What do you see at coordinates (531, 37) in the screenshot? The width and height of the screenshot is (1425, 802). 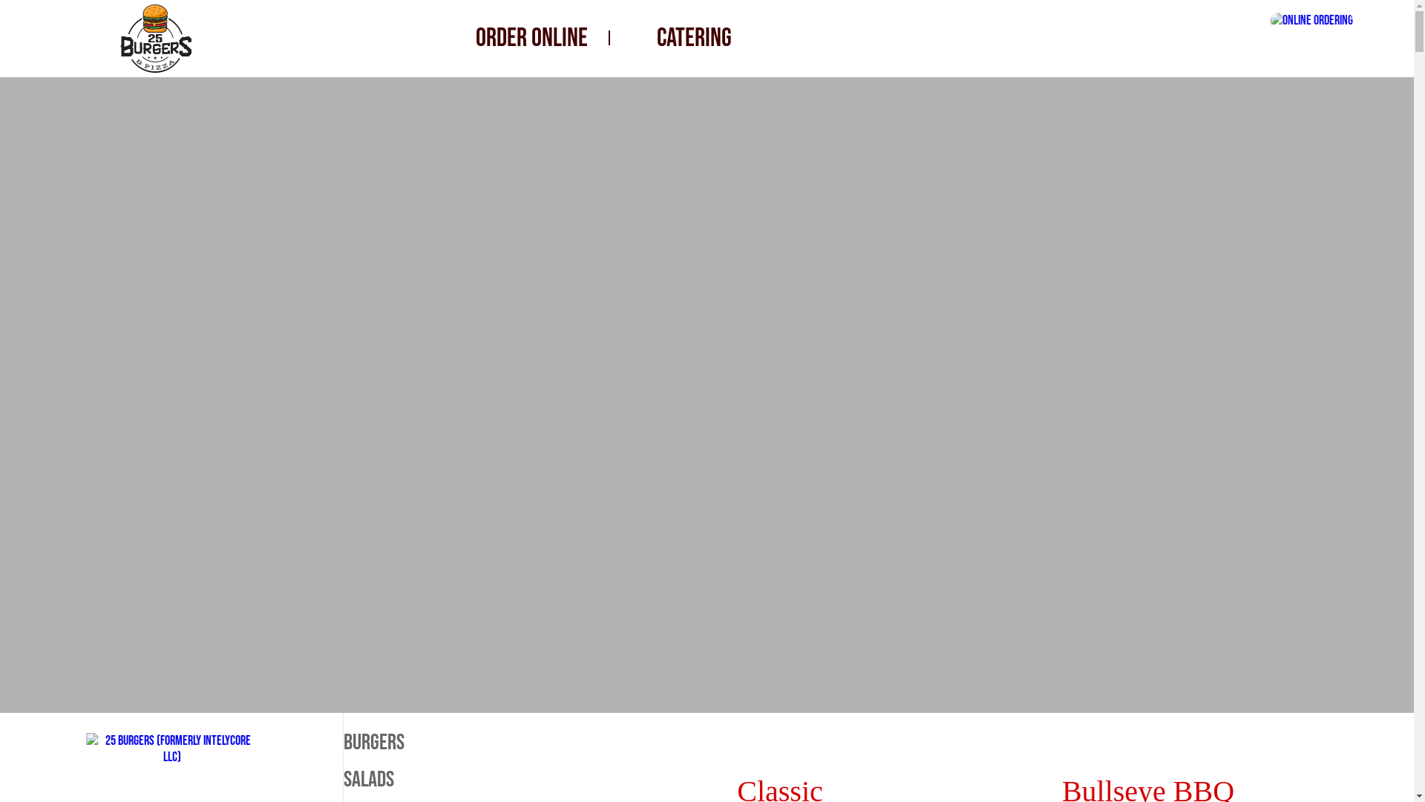 I see `'ORDER ONLINE'` at bounding box center [531, 37].